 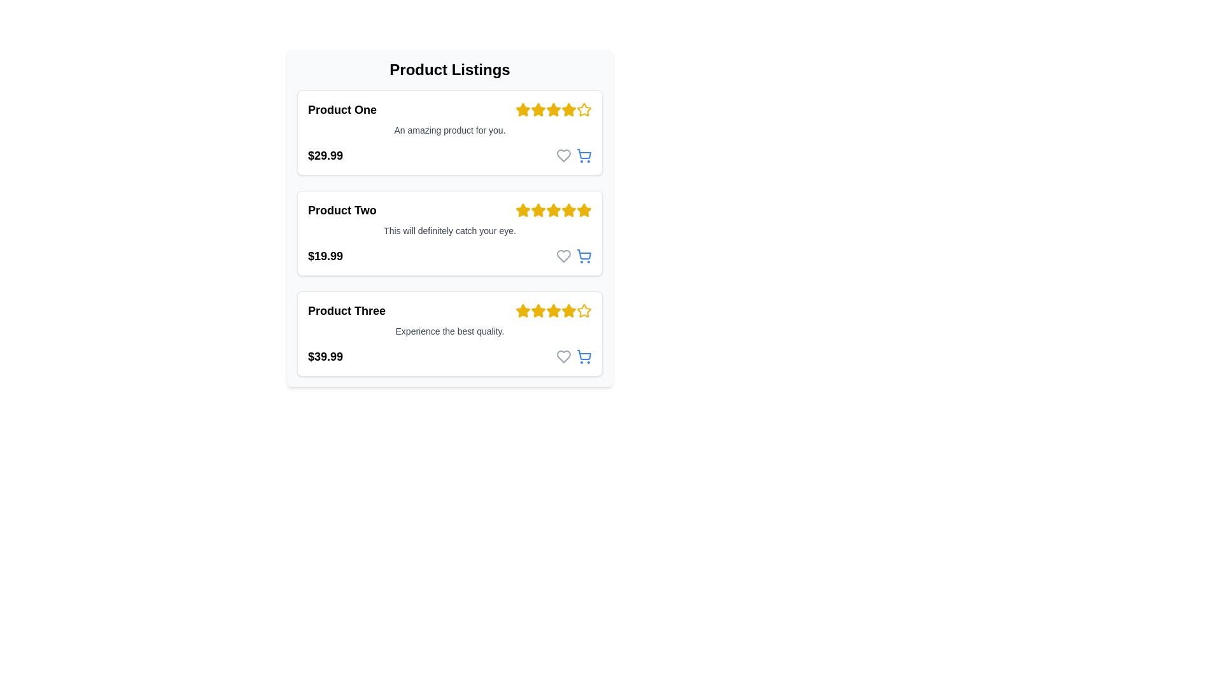 What do you see at coordinates (553, 109) in the screenshot?
I see `the fourth star in the rating component located under the header 'Product Listings' to assess the product rating` at bounding box center [553, 109].